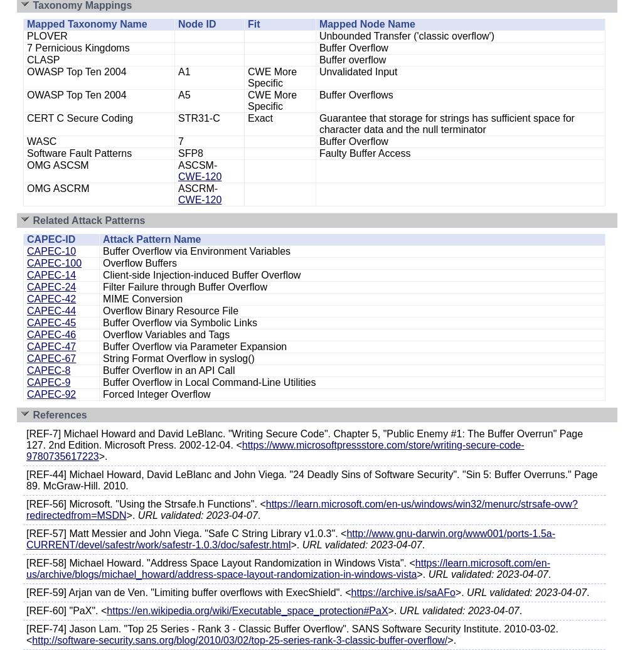  What do you see at coordinates (156, 394) in the screenshot?
I see `'Forced Integer Overflow'` at bounding box center [156, 394].